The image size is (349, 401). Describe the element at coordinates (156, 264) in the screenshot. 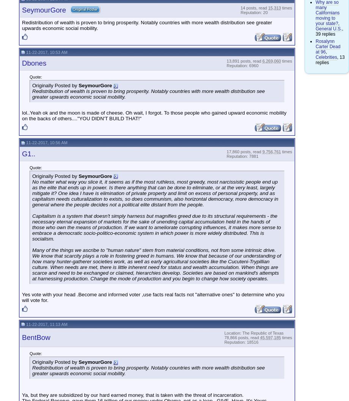

I see `'Many of the things we ascribe to "human nature" stem from material conditions, not from some intrinsic drive. We know that scarcity plays a role in fostering greed in humans. We know that because of our understanding of how many hunter-gatherer societies work, as well as early agricultural societies like the Cucuteni-Trypillian culture. When needs are met, there is little inherent need for status and wealth accumulation. When things are scarce and need to be exchanged or claimed, hierarchies develop. Societies are based on mankind's attempts at harnessing production. Change the mode of production and you begin to change how society operates.'` at that location.